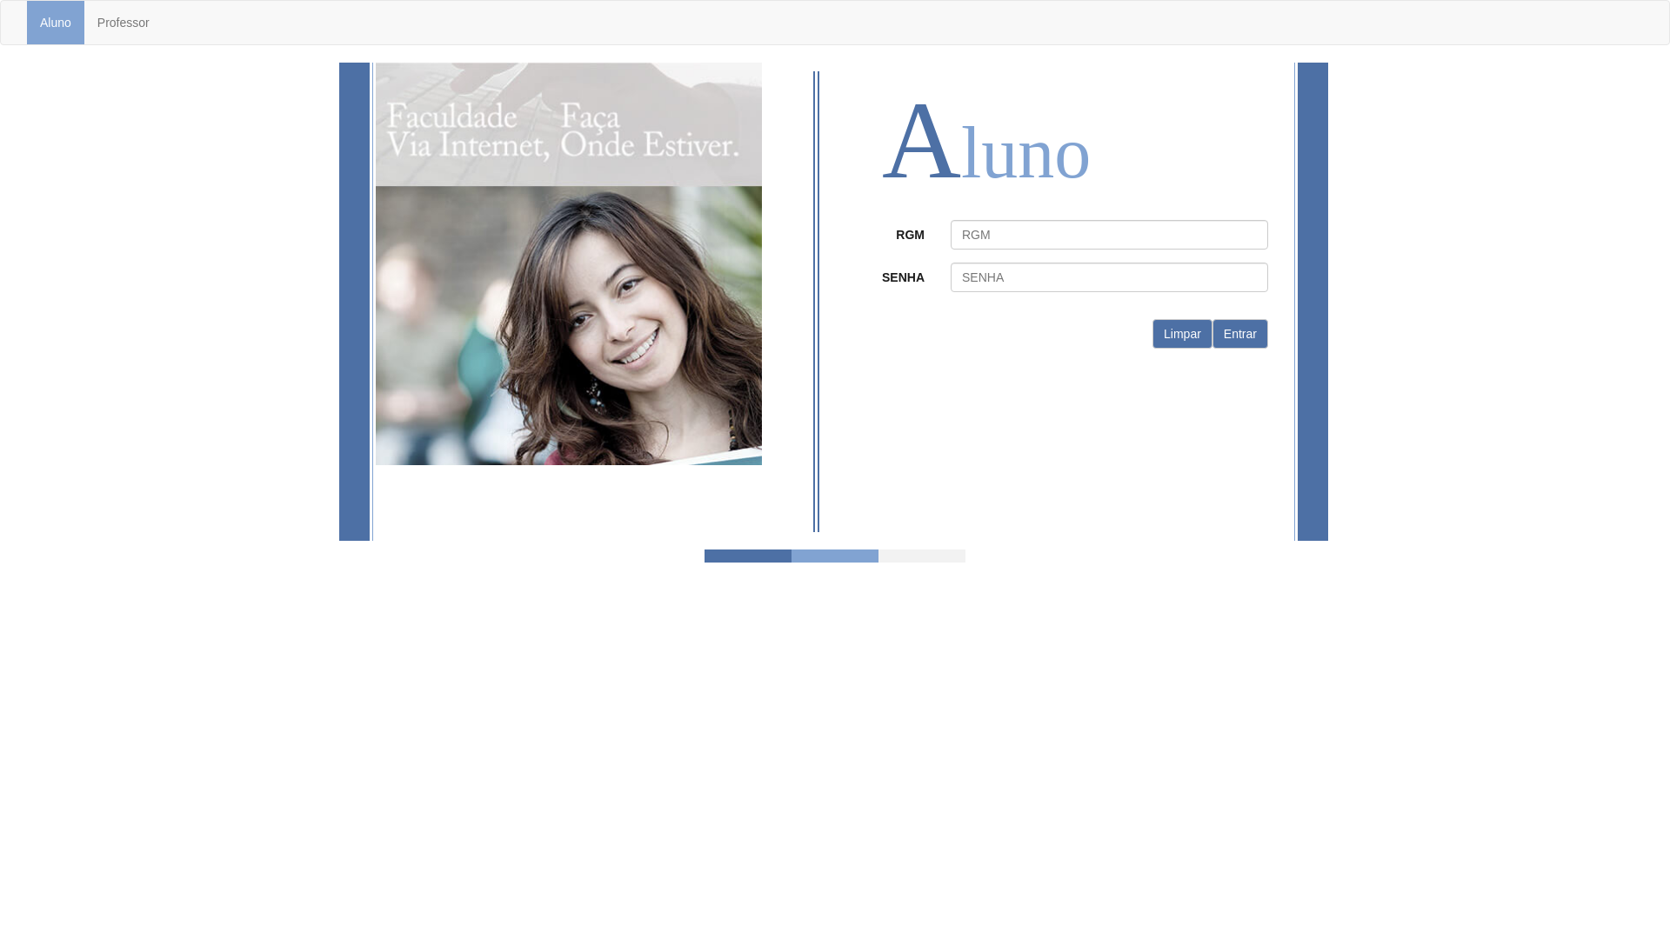 Image resolution: width=1670 pixels, height=939 pixels. What do you see at coordinates (1182, 334) in the screenshot?
I see `'Limpar'` at bounding box center [1182, 334].